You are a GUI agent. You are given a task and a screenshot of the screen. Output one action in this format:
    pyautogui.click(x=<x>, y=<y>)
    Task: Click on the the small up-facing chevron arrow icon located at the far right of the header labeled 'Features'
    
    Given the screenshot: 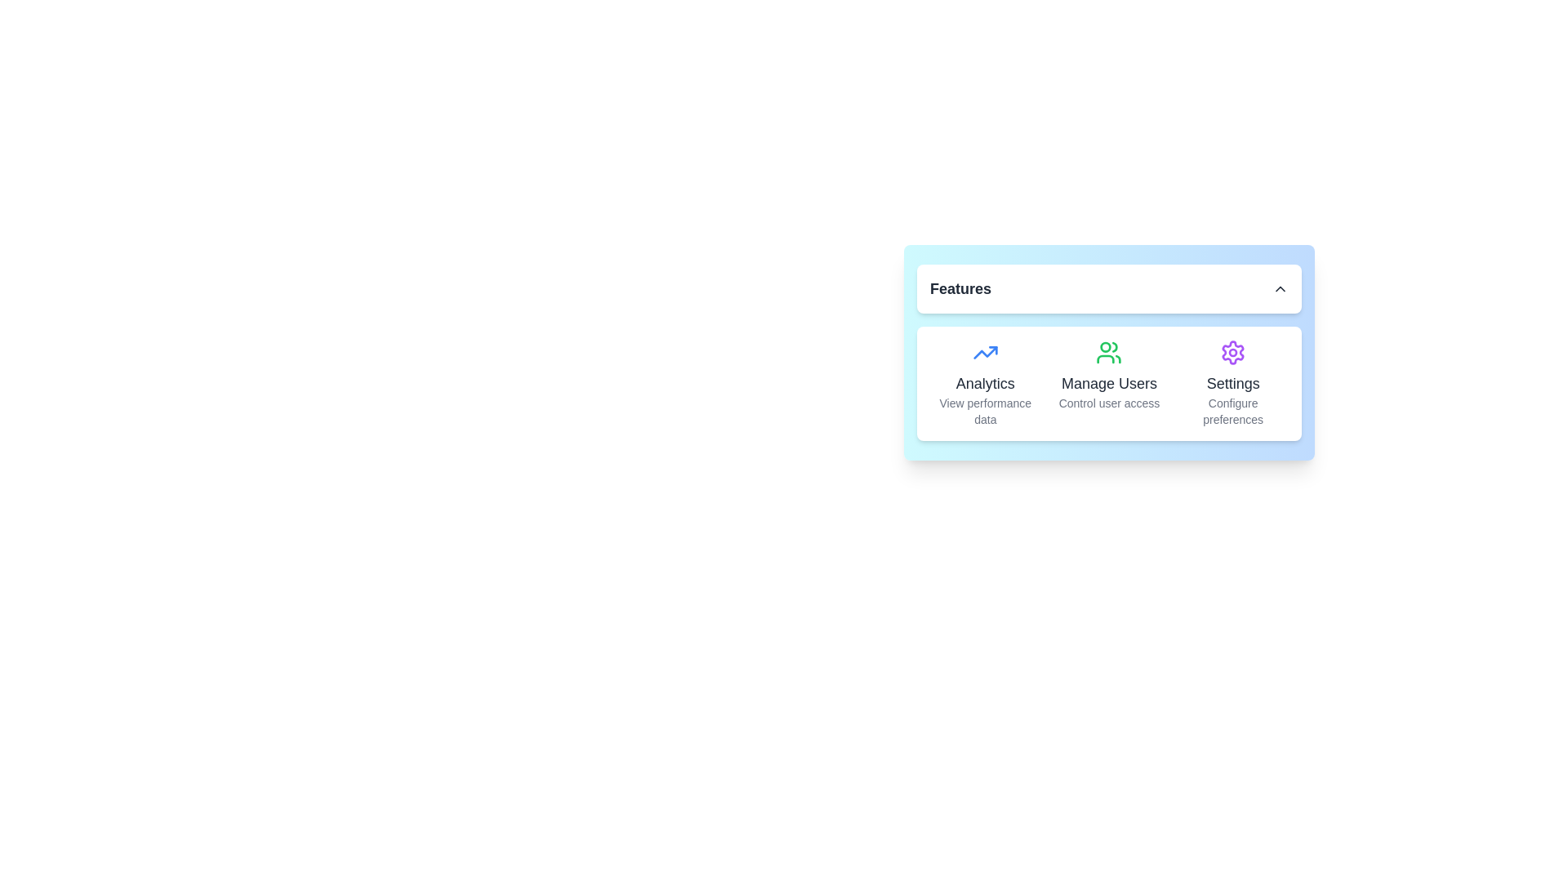 What is the action you would take?
    pyautogui.click(x=1280, y=288)
    